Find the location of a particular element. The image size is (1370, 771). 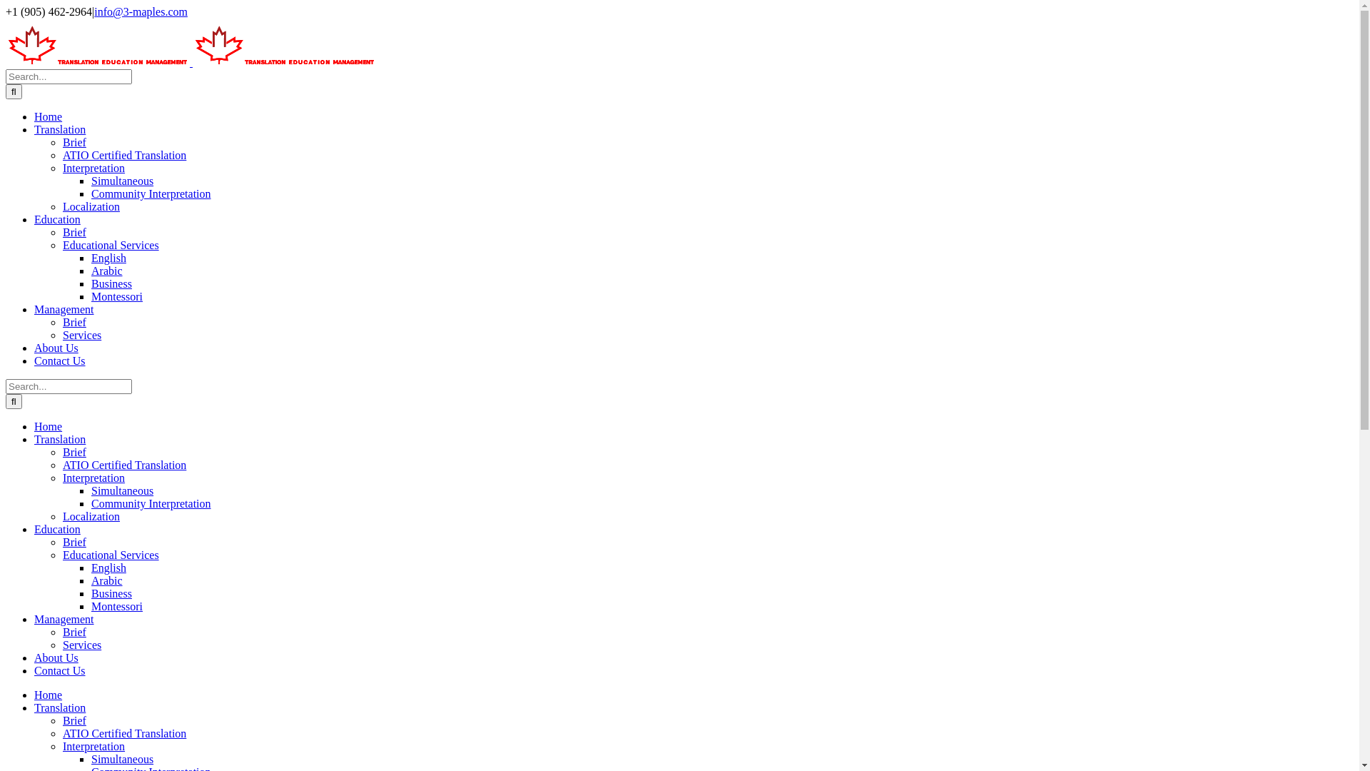

'Educational Services' is located at coordinates (110, 244).